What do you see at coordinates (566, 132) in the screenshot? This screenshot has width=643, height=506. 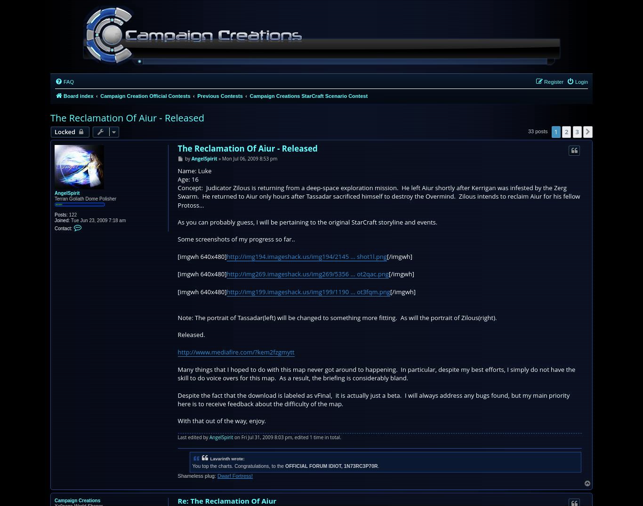 I see `'2'` at bounding box center [566, 132].